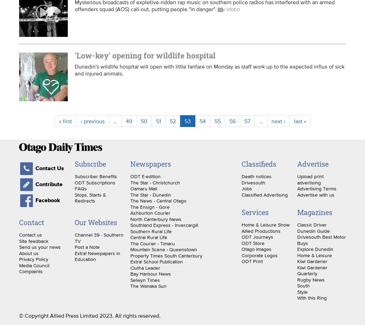  Describe the element at coordinates (130, 194) in the screenshot. I see `'The Star - Dunedin'` at that location.